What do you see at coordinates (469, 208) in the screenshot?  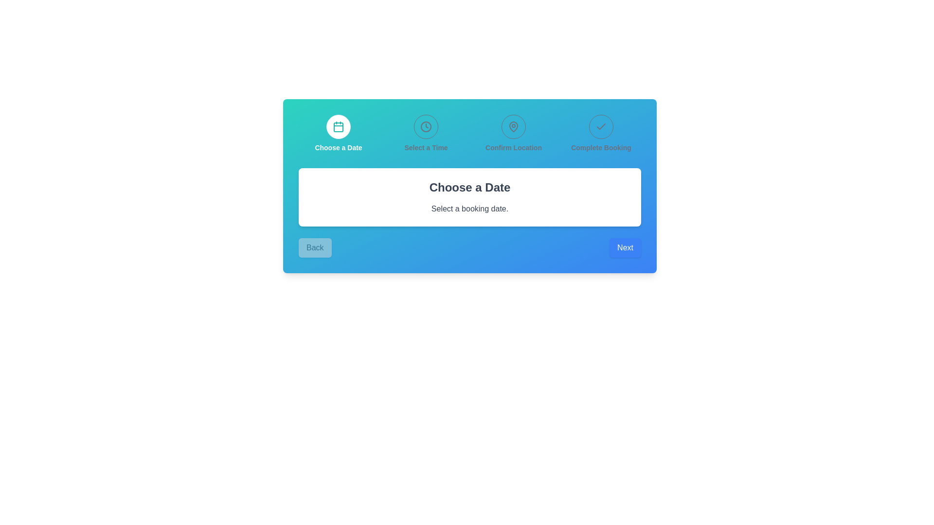 I see `text label that says 'Select a booking date.' which is located below the title 'Choose a Date.' in a white rectangular card area on a blue gradient background` at bounding box center [469, 208].